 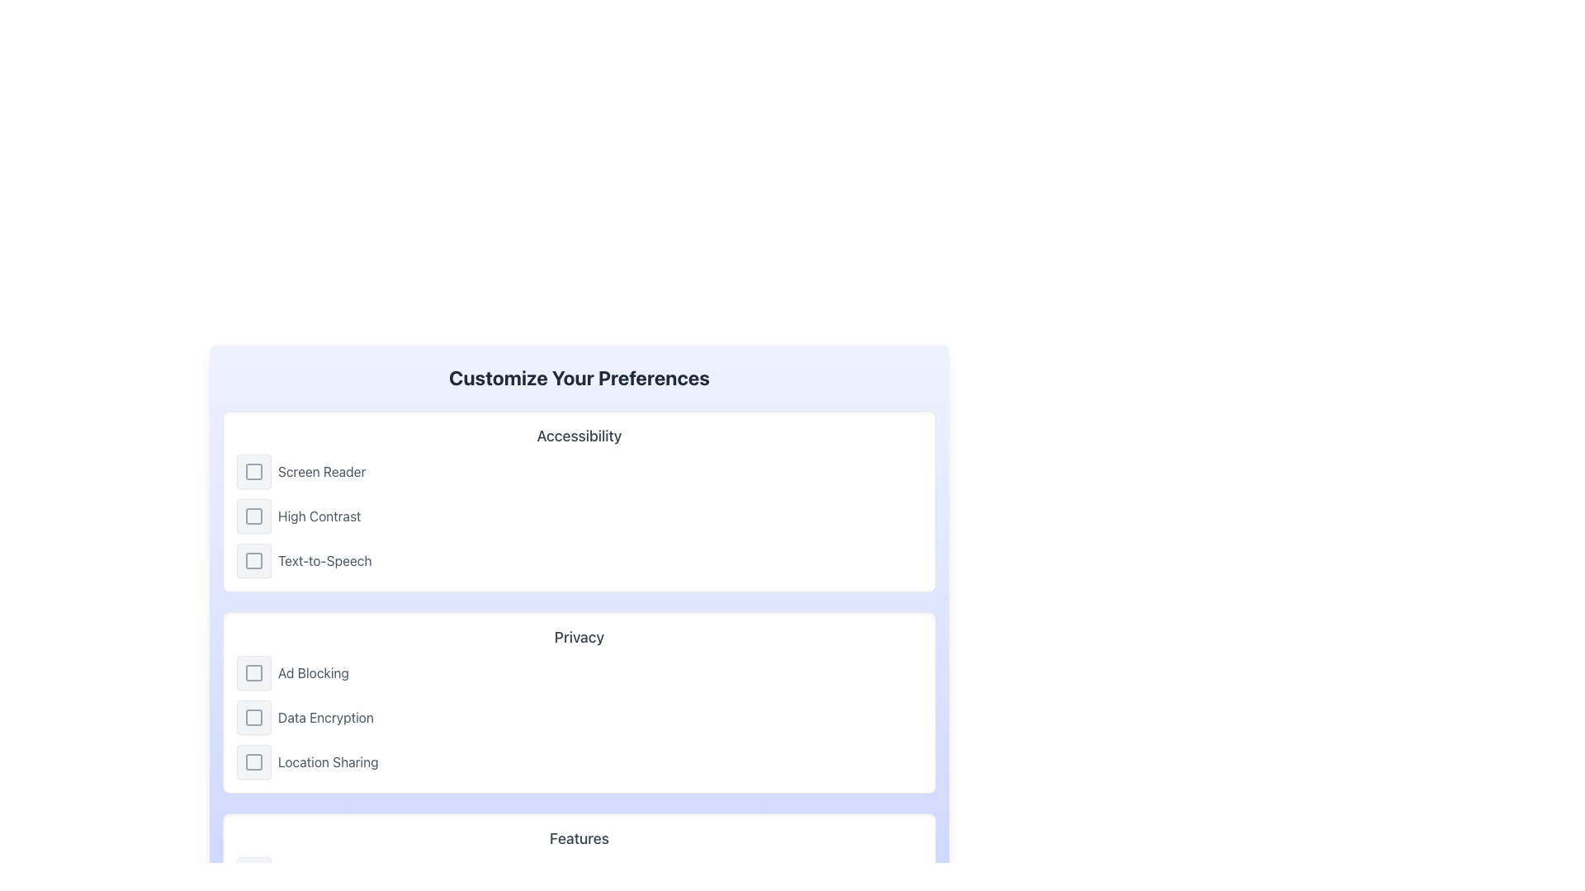 I want to click on the checkbox-like component for the 'Location Sharing' preference in the 'Privacy' section, so click(x=253, y=762).